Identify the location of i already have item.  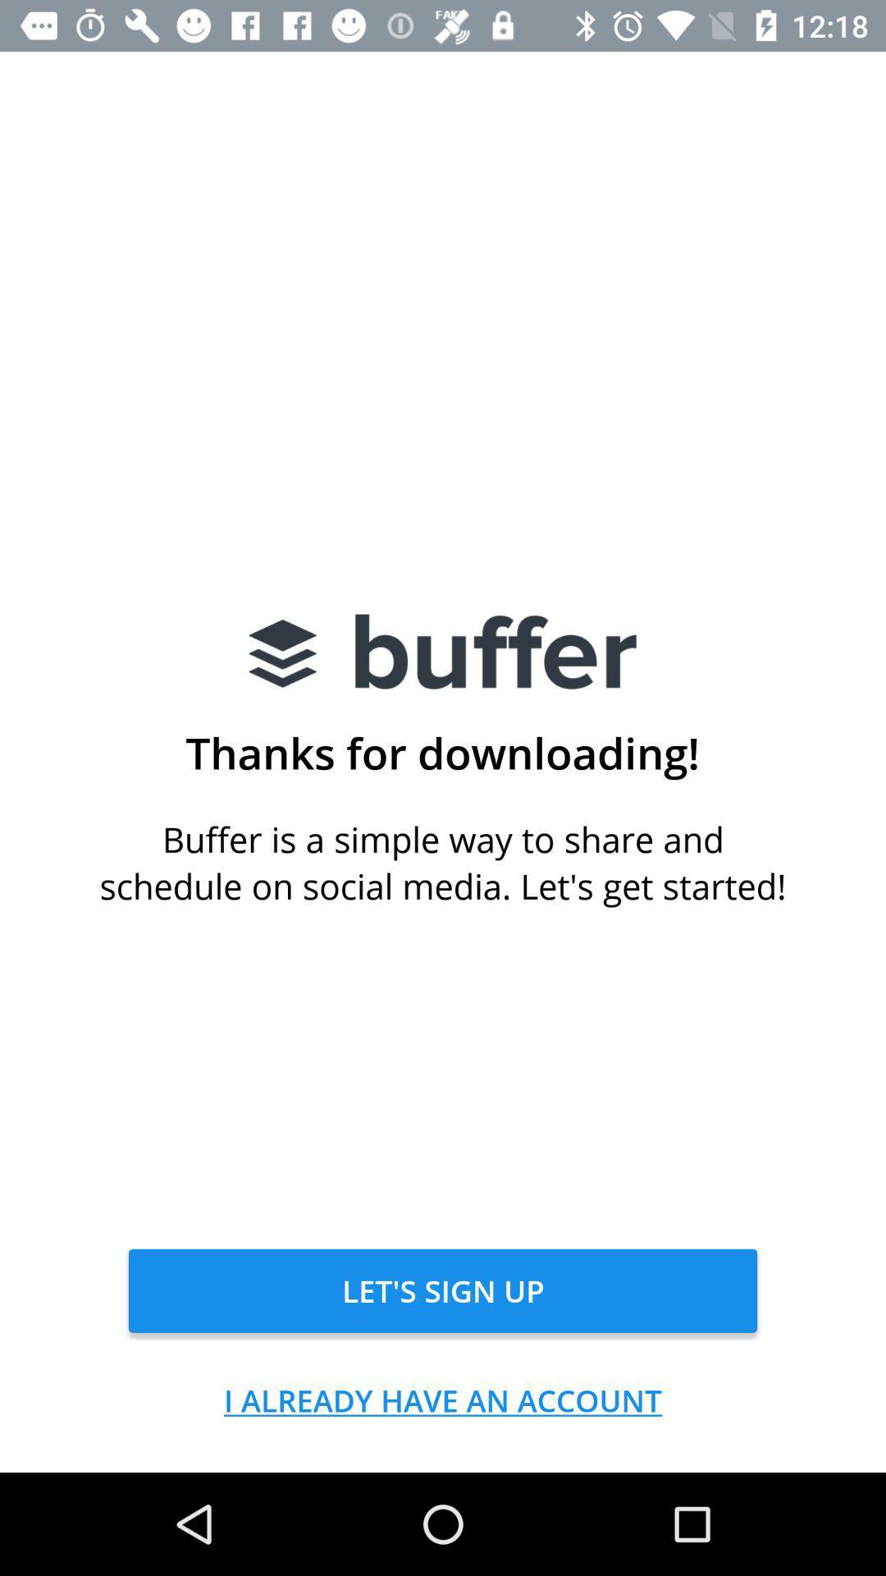
(443, 1400).